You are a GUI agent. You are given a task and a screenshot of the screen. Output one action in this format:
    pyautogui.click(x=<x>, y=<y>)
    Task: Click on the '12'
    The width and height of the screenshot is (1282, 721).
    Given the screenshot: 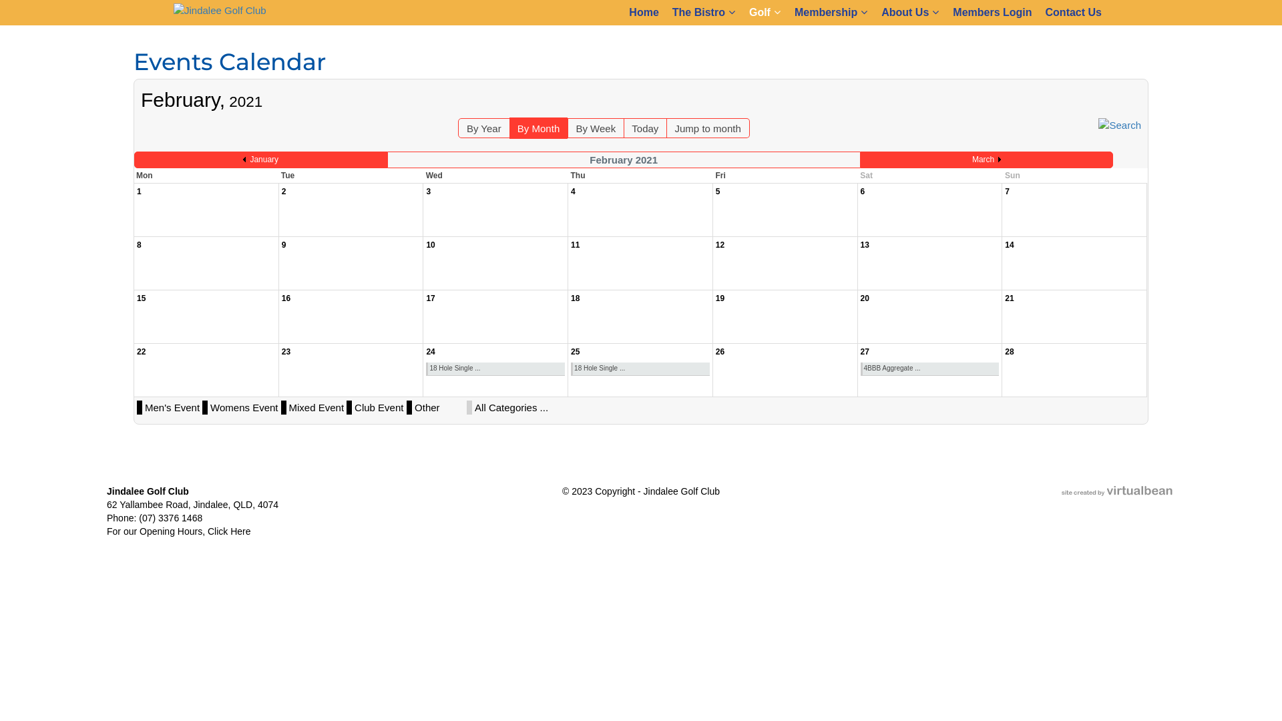 What is the action you would take?
    pyautogui.click(x=714, y=244)
    